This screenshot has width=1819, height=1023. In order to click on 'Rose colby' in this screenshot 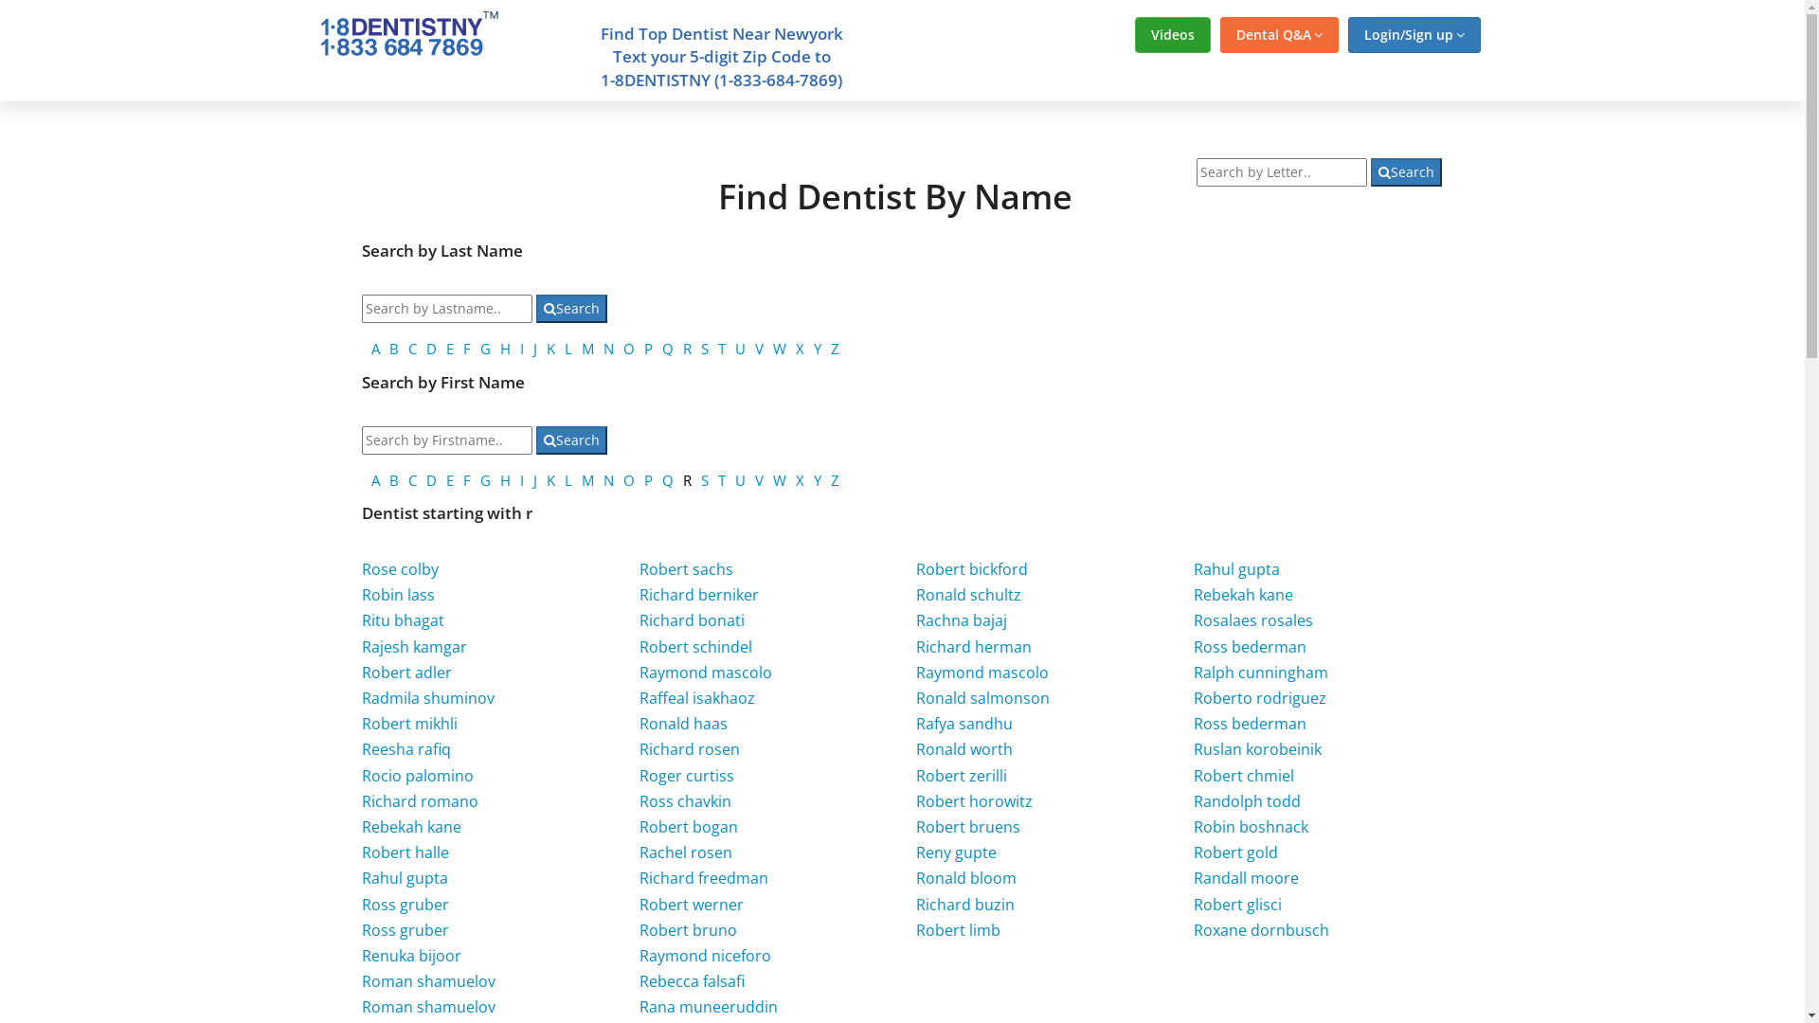, I will do `click(399, 568)`.